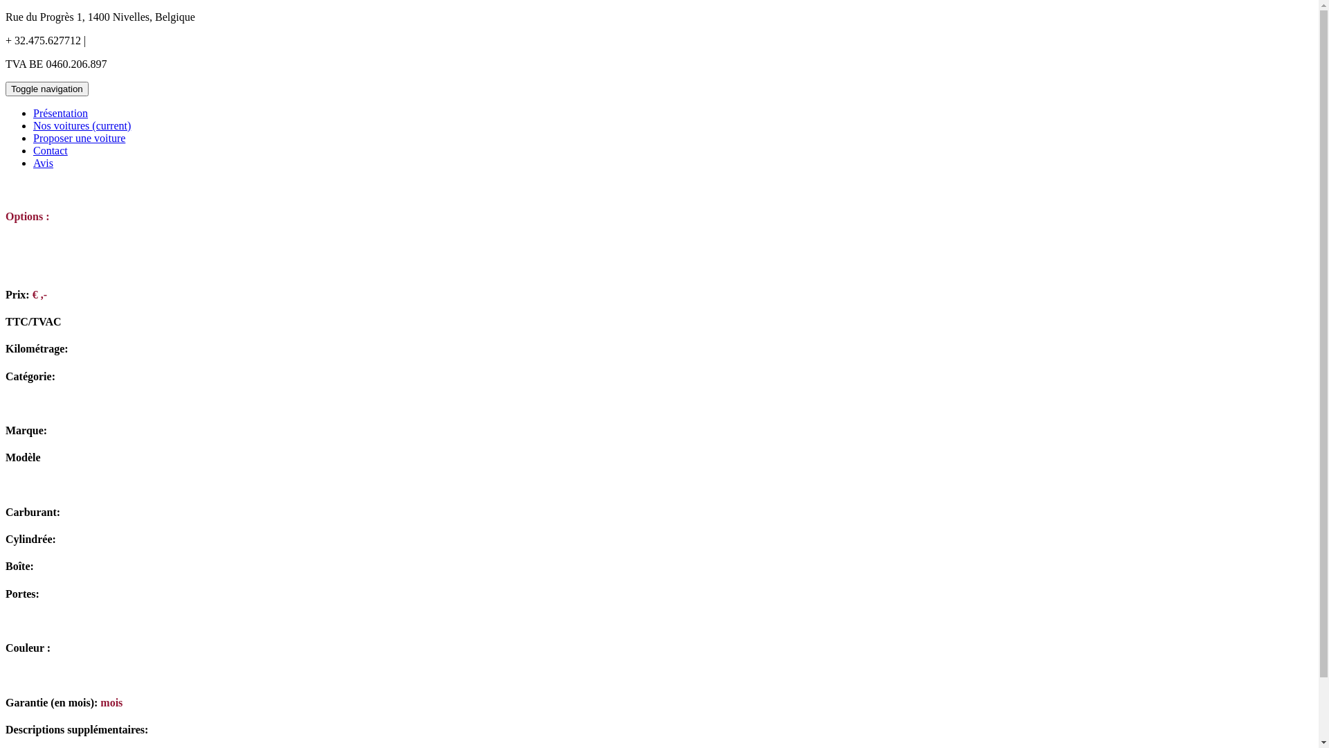  What do you see at coordinates (78, 138) in the screenshot?
I see `'Proposer une voiture'` at bounding box center [78, 138].